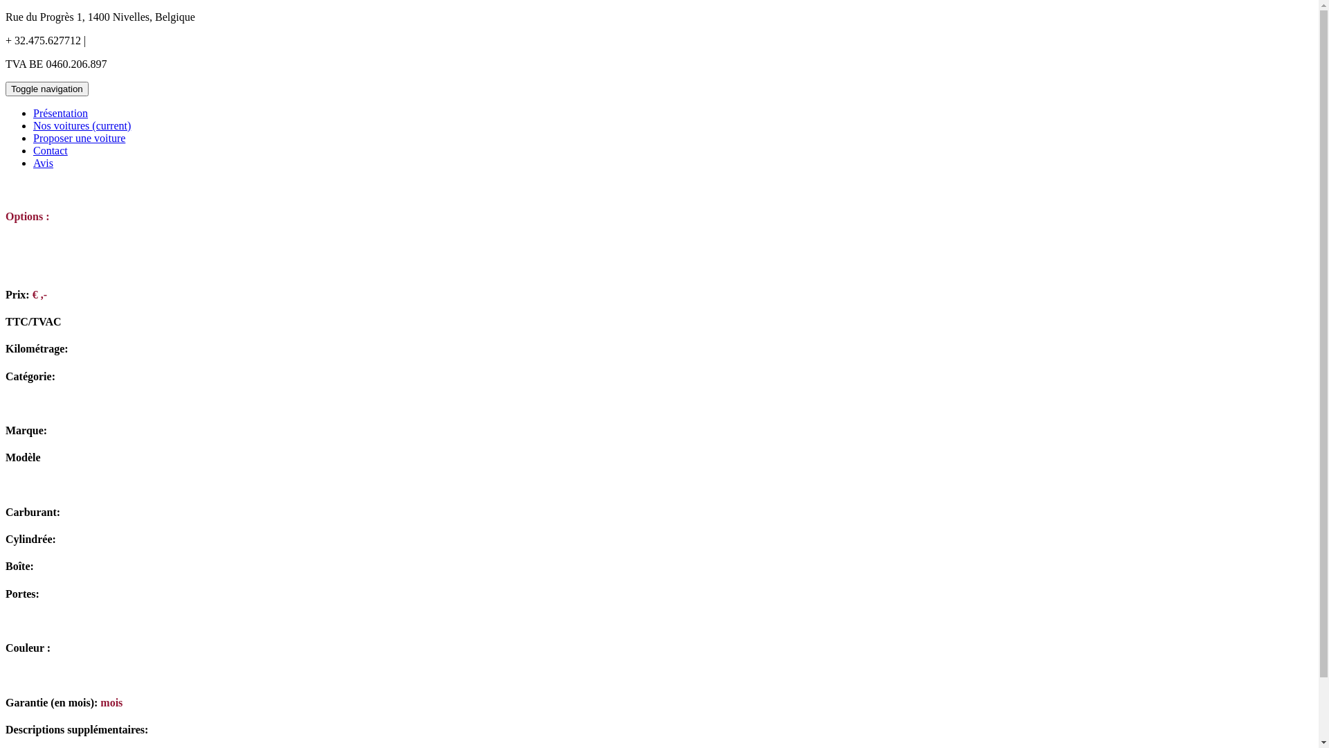  What do you see at coordinates (78, 138) in the screenshot?
I see `'Proposer une voiture'` at bounding box center [78, 138].